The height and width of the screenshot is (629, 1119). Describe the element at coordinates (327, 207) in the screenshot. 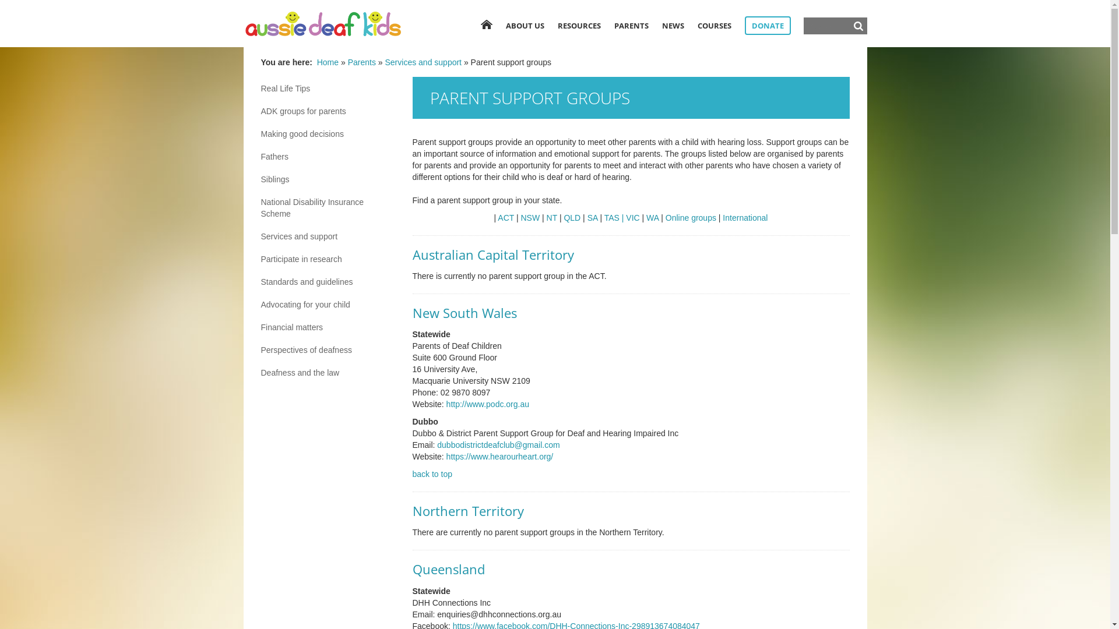

I see `'National Disability Insurance Scheme'` at that location.